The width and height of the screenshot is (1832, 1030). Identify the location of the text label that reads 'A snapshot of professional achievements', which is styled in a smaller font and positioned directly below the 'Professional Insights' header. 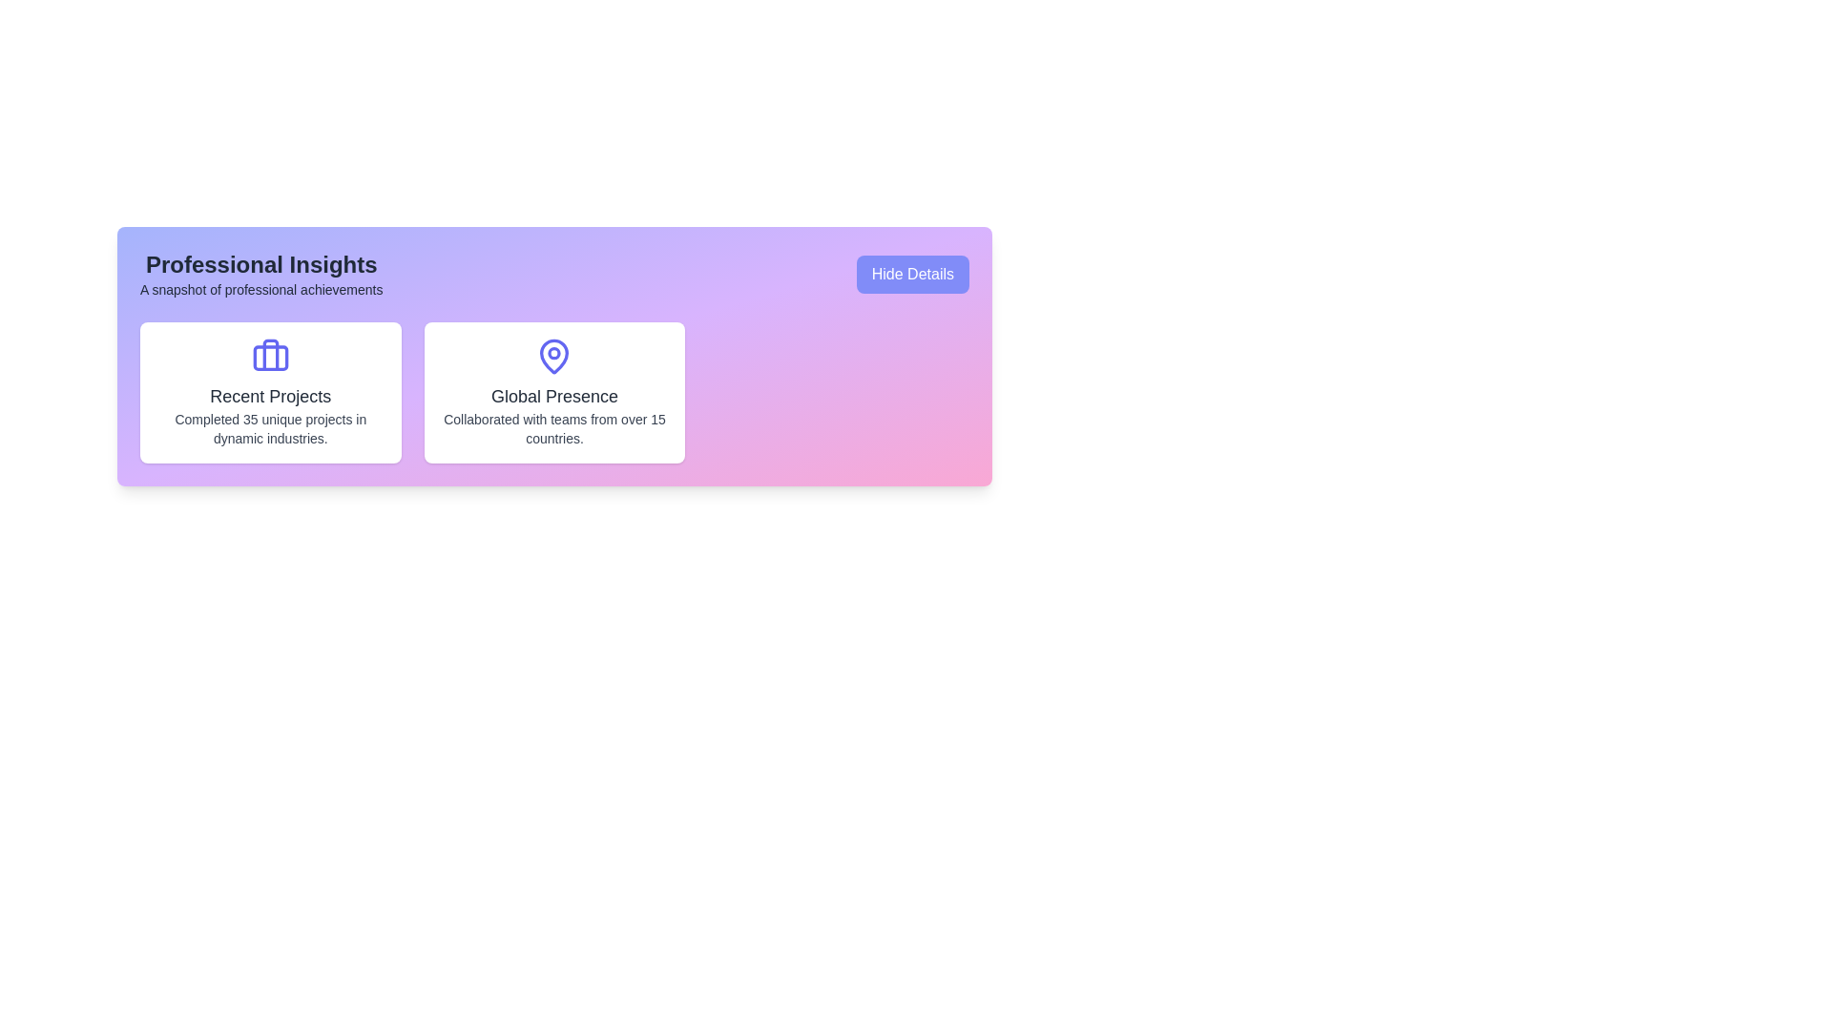
(260, 290).